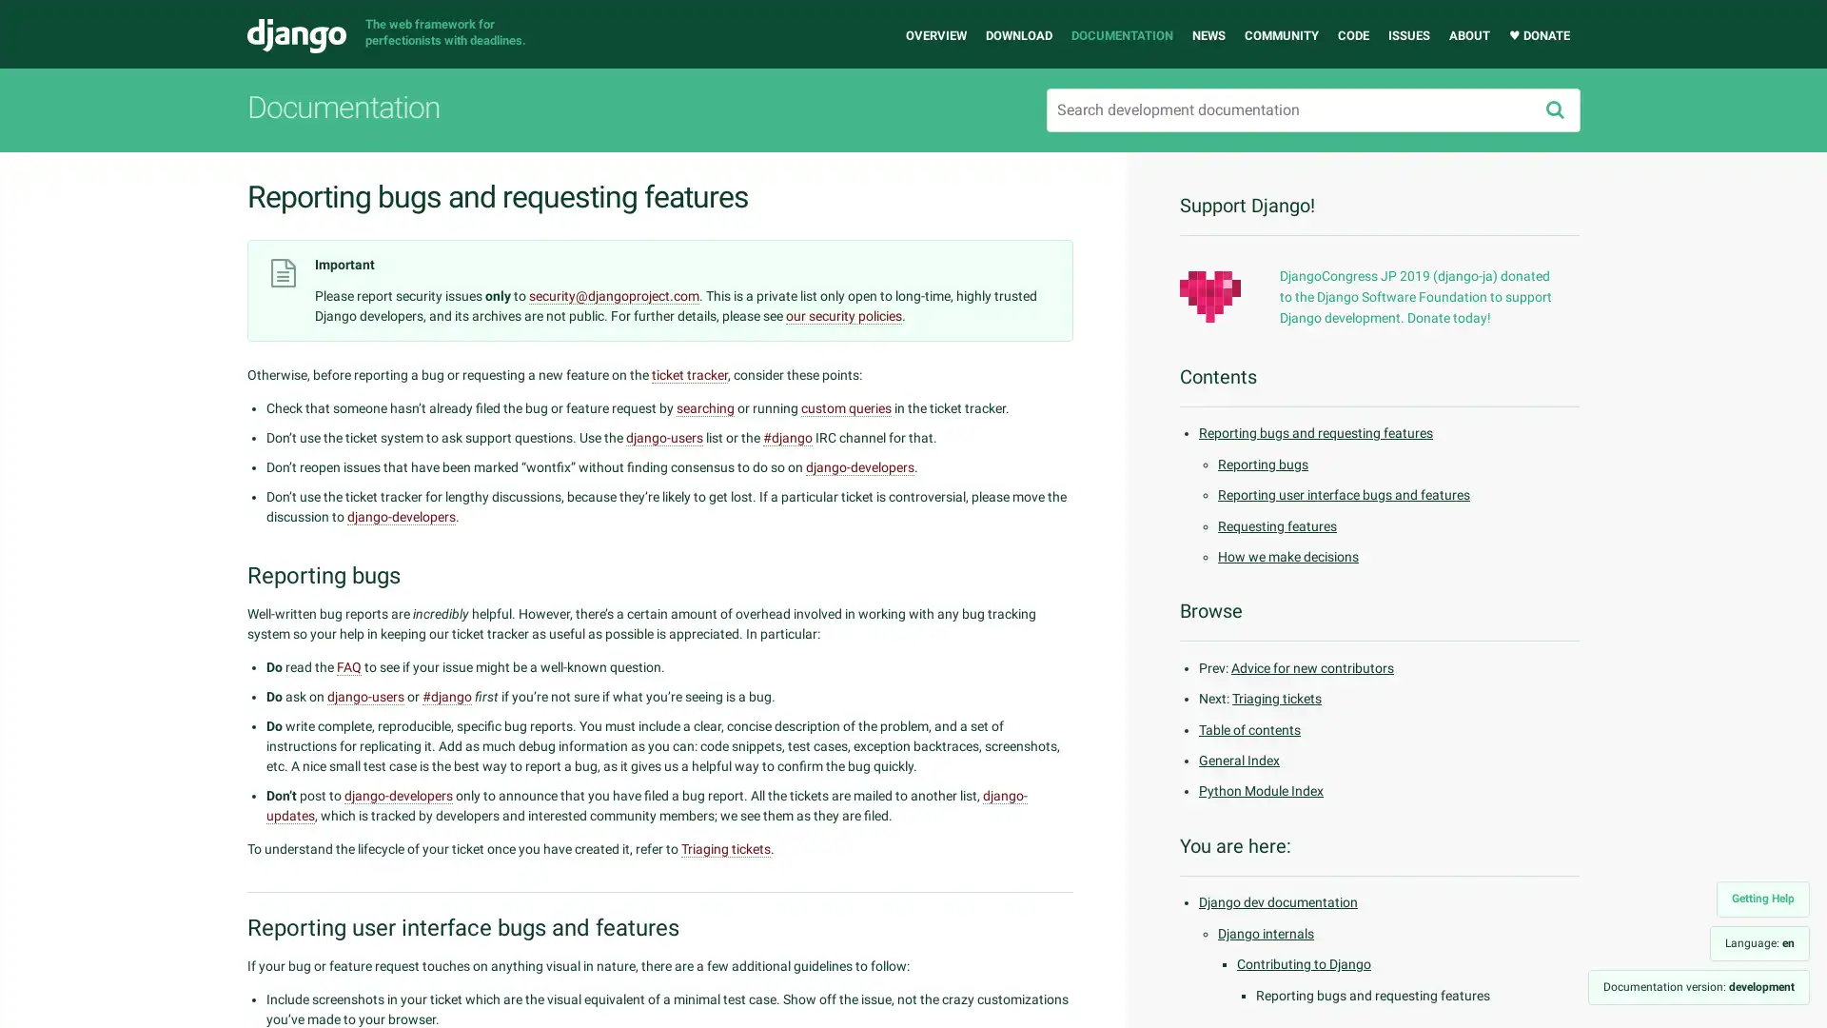 Image resolution: width=1827 pixels, height=1028 pixels. Describe the element at coordinates (1554, 109) in the screenshot. I see `Search` at that location.